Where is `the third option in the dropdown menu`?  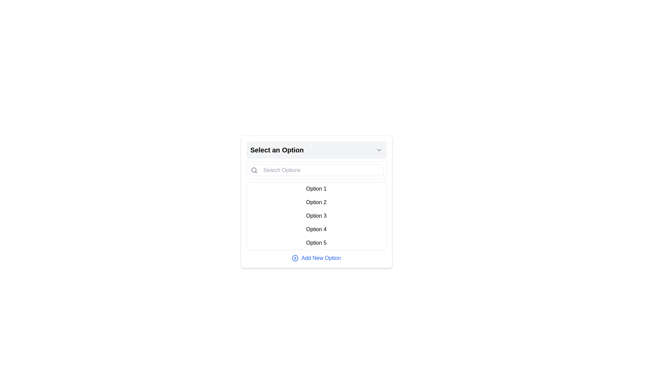 the third option in the dropdown menu is located at coordinates (316, 216).